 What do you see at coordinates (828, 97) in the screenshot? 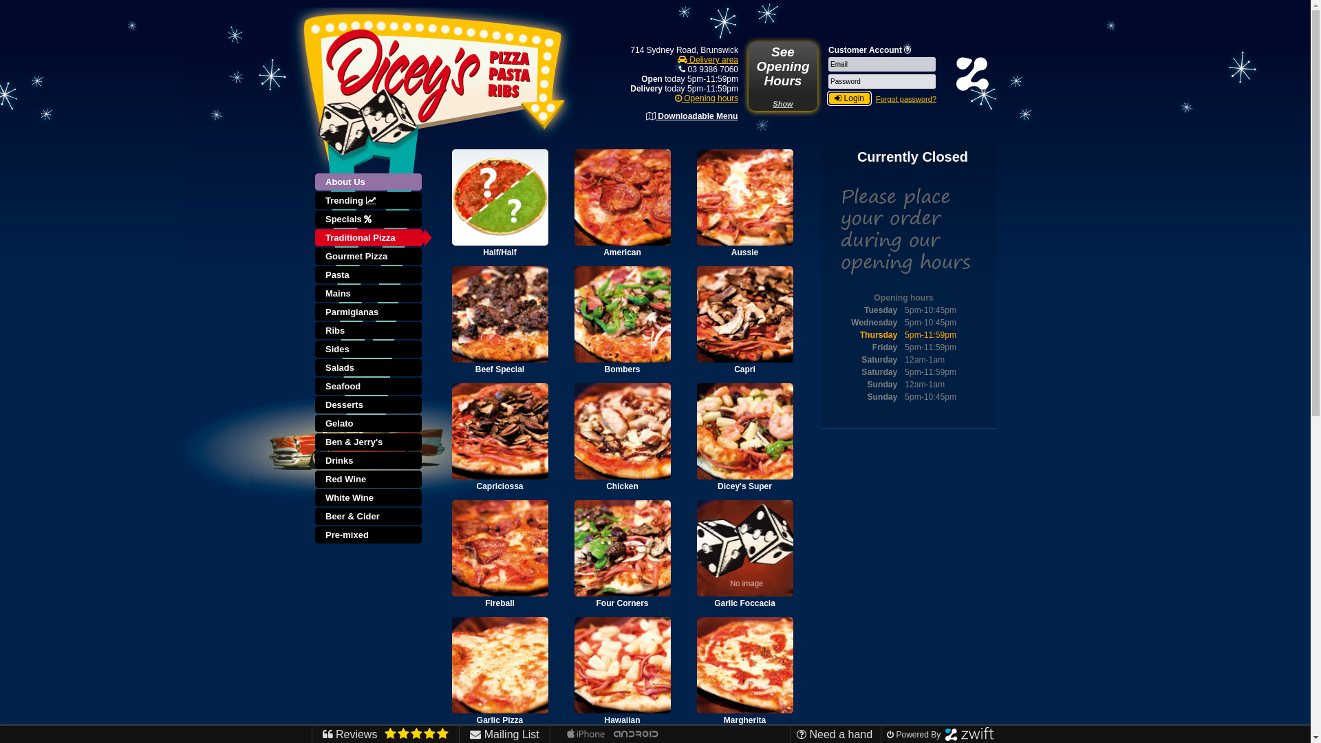
I see `'Login'` at bounding box center [828, 97].